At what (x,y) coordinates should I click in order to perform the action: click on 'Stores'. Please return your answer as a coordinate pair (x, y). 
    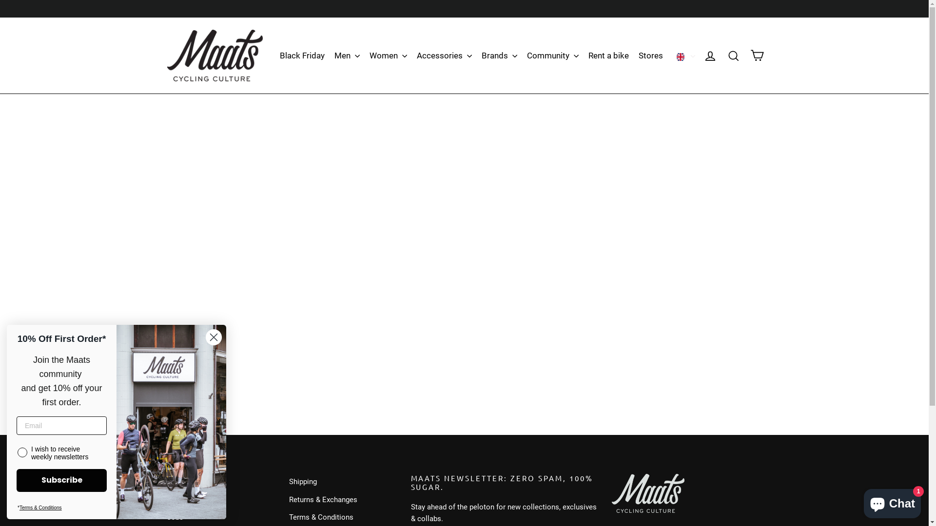
    Looking at the image, I should click on (650, 56).